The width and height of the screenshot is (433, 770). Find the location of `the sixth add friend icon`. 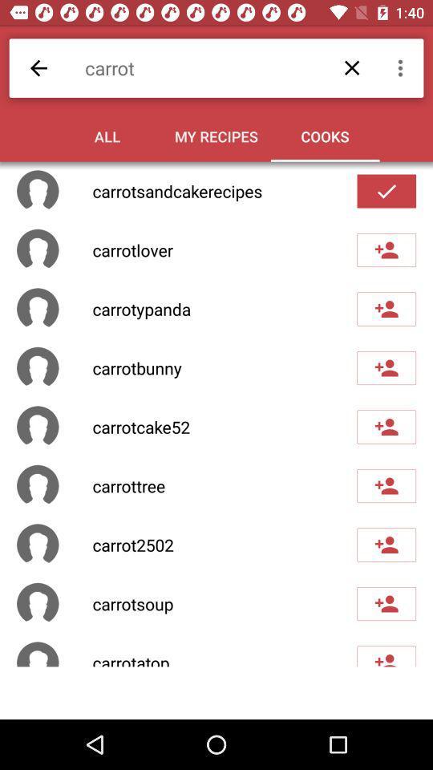

the sixth add friend icon is located at coordinates (386, 545).